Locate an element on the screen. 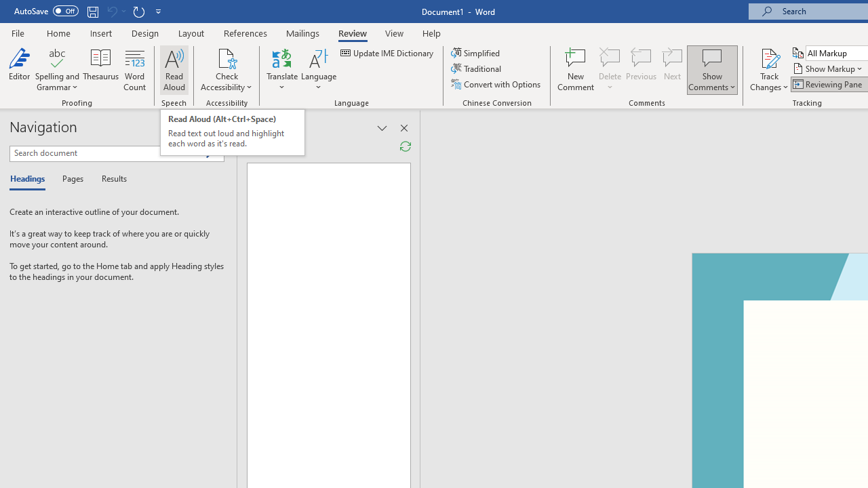 The image size is (868, 488). 'Repeat Doc Close' is located at coordinates (138, 11).